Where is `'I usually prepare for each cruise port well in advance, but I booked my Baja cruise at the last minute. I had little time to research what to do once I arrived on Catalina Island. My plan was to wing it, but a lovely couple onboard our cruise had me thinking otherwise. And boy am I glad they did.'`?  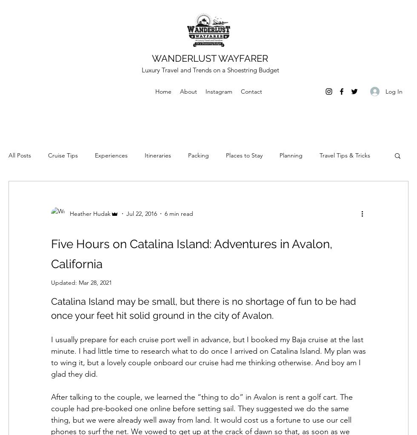 'I usually prepare for each cruise port well in advance, but I booked my Baja cruise at the last minute. I had little time to research what to do once I arrived on Catalina Island. My plan was to wing it, but a lovely couple onboard our cruise had me thinking otherwise. And boy am I glad they did.' is located at coordinates (209, 356).